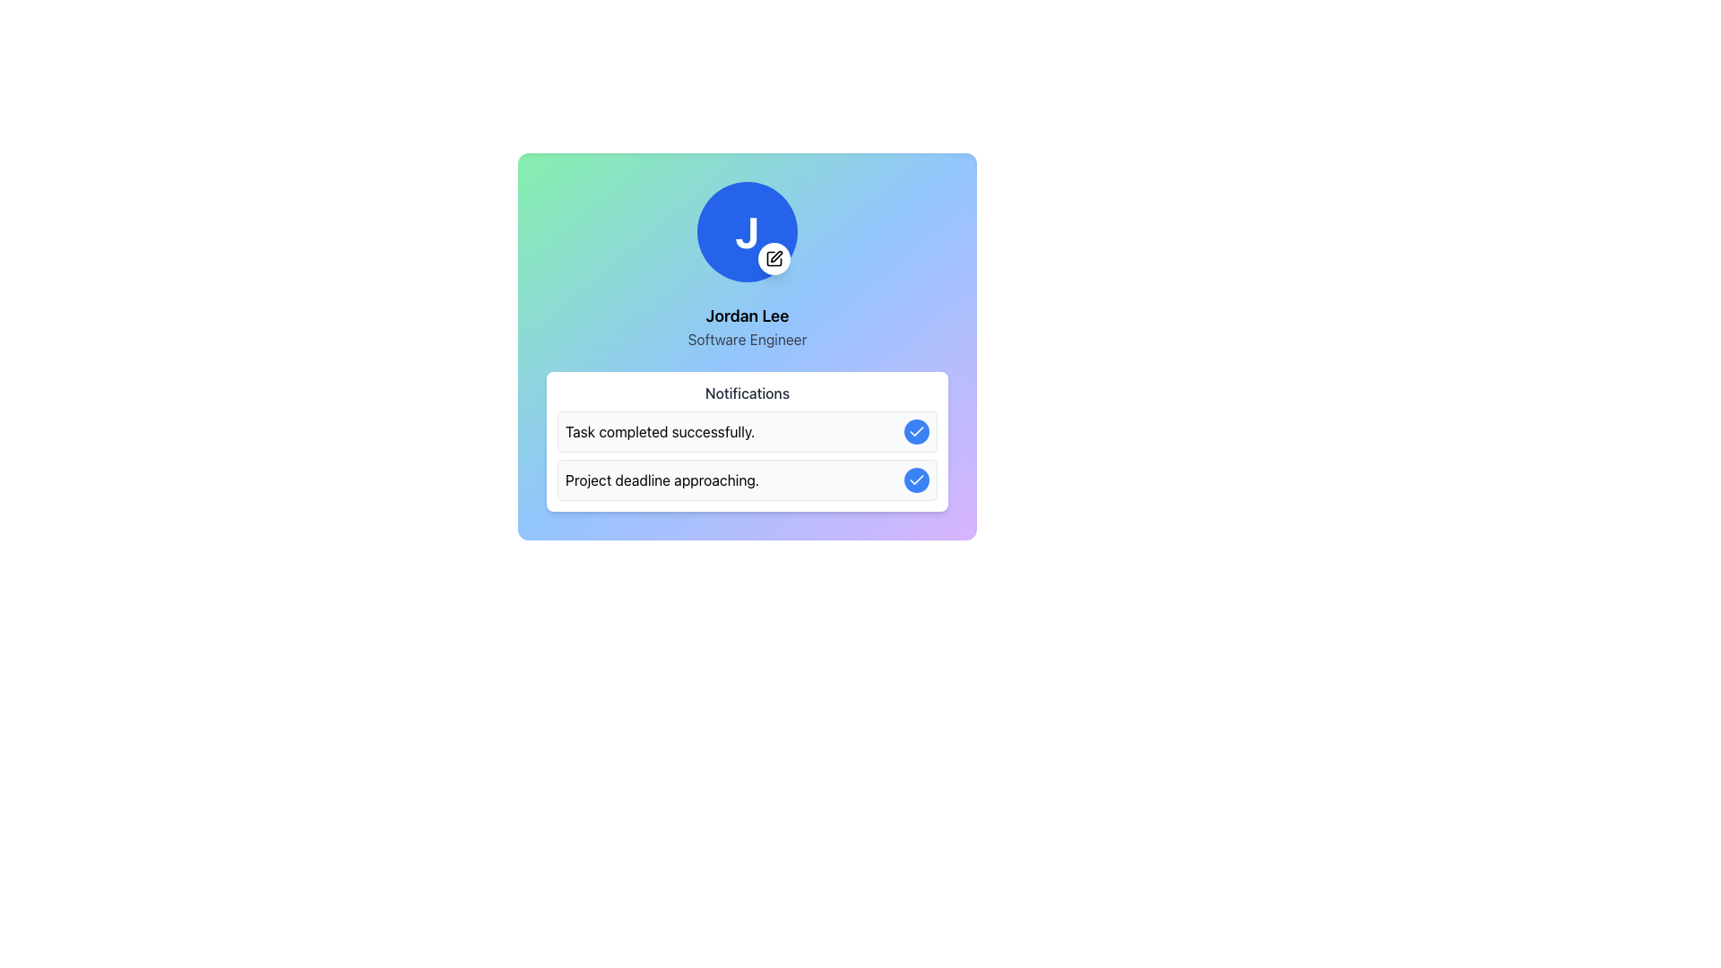  What do you see at coordinates (748, 455) in the screenshot?
I see `the second notification list item that reads 'Project deadline approaching.'` at bounding box center [748, 455].